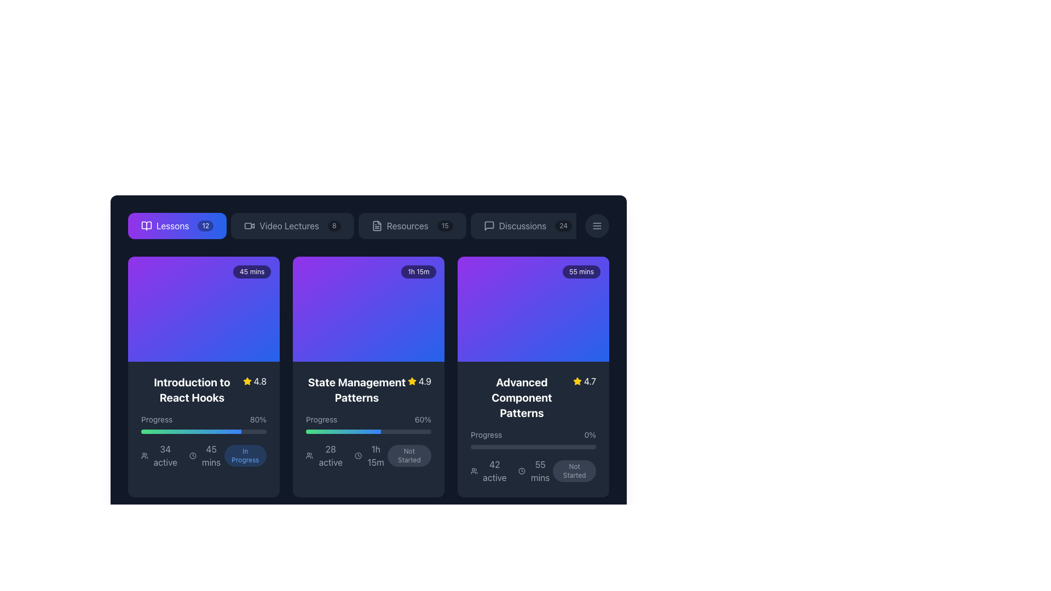 This screenshot has width=1051, height=591. Describe the element at coordinates (160, 456) in the screenshot. I see `information displayed in the text label showing '34 active' with a people icon, located in the bottom-left corner of the 'Introduction to React Hooks' card` at that location.